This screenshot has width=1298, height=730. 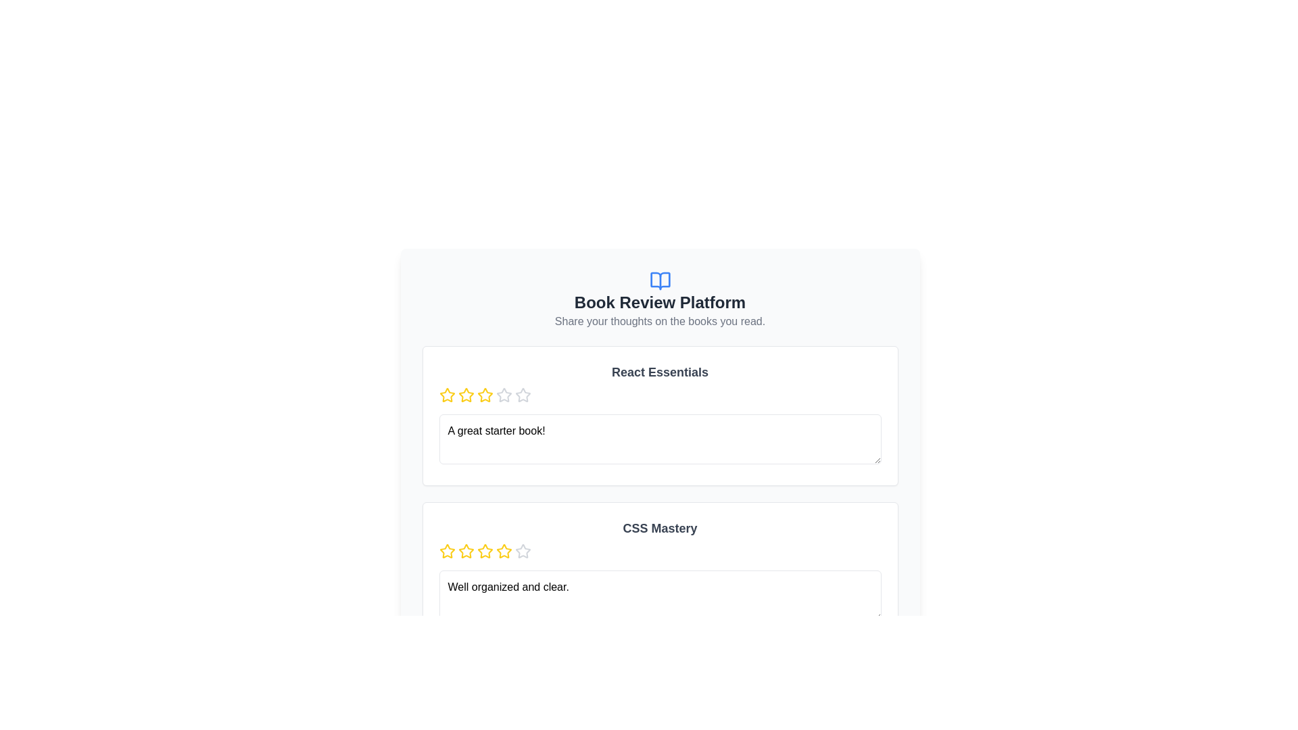 What do you see at coordinates (485, 551) in the screenshot?
I see `the second star in the rating row for the book 'CSS Mastery' to set the rating to 2` at bounding box center [485, 551].